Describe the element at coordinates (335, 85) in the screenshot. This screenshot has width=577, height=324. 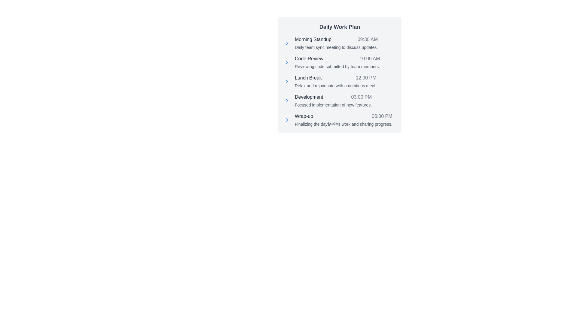
I see `the text component displaying 'Relax and rejuvenate with a nutritious meal.' which is located below the 'Lunch Break' and '12:00 PM' text elements` at that location.